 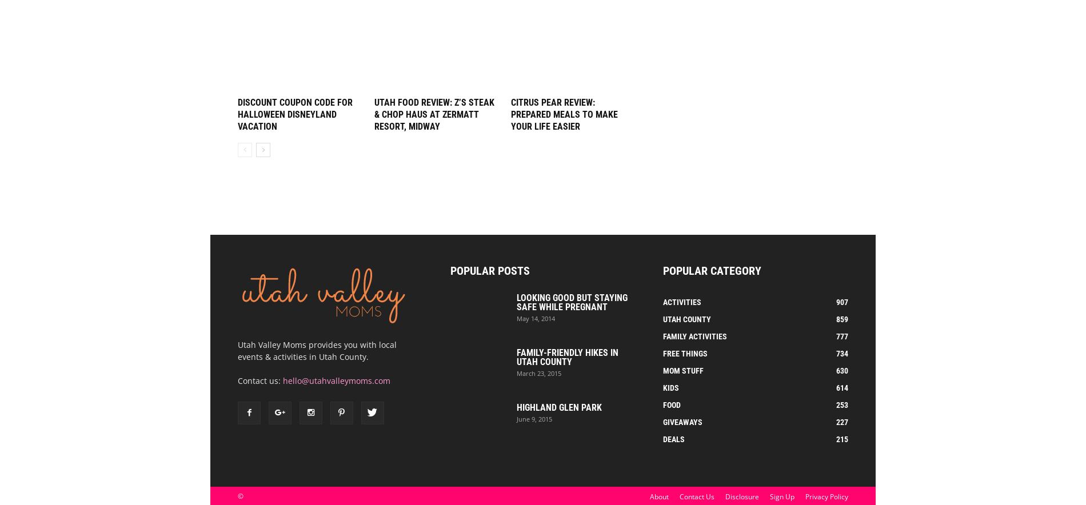 What do you see at coordinates (559, 407) in the screenshot?
I see `'Highland Glen Park'` at bounding box center [559, 407].